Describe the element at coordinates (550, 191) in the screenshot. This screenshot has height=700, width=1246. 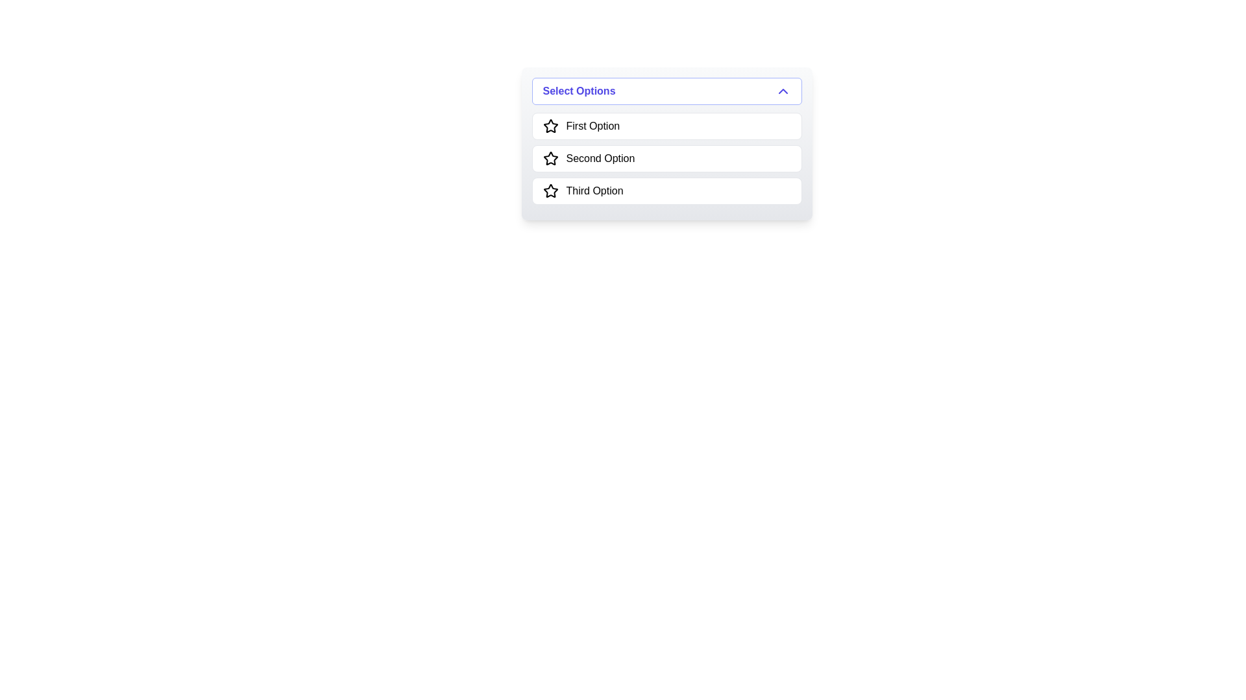
I see `the star icon which represents the 'Third Option' entry in the dropdown menu titled 'Select Options'` at that location.